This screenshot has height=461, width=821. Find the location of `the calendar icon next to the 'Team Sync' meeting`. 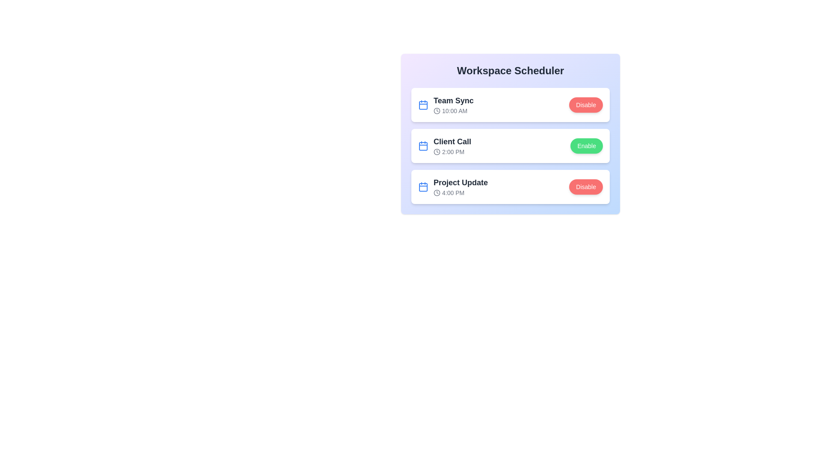

the calendar icon next to the 'Team Sync' meeting is located at coordinates (423, 105).